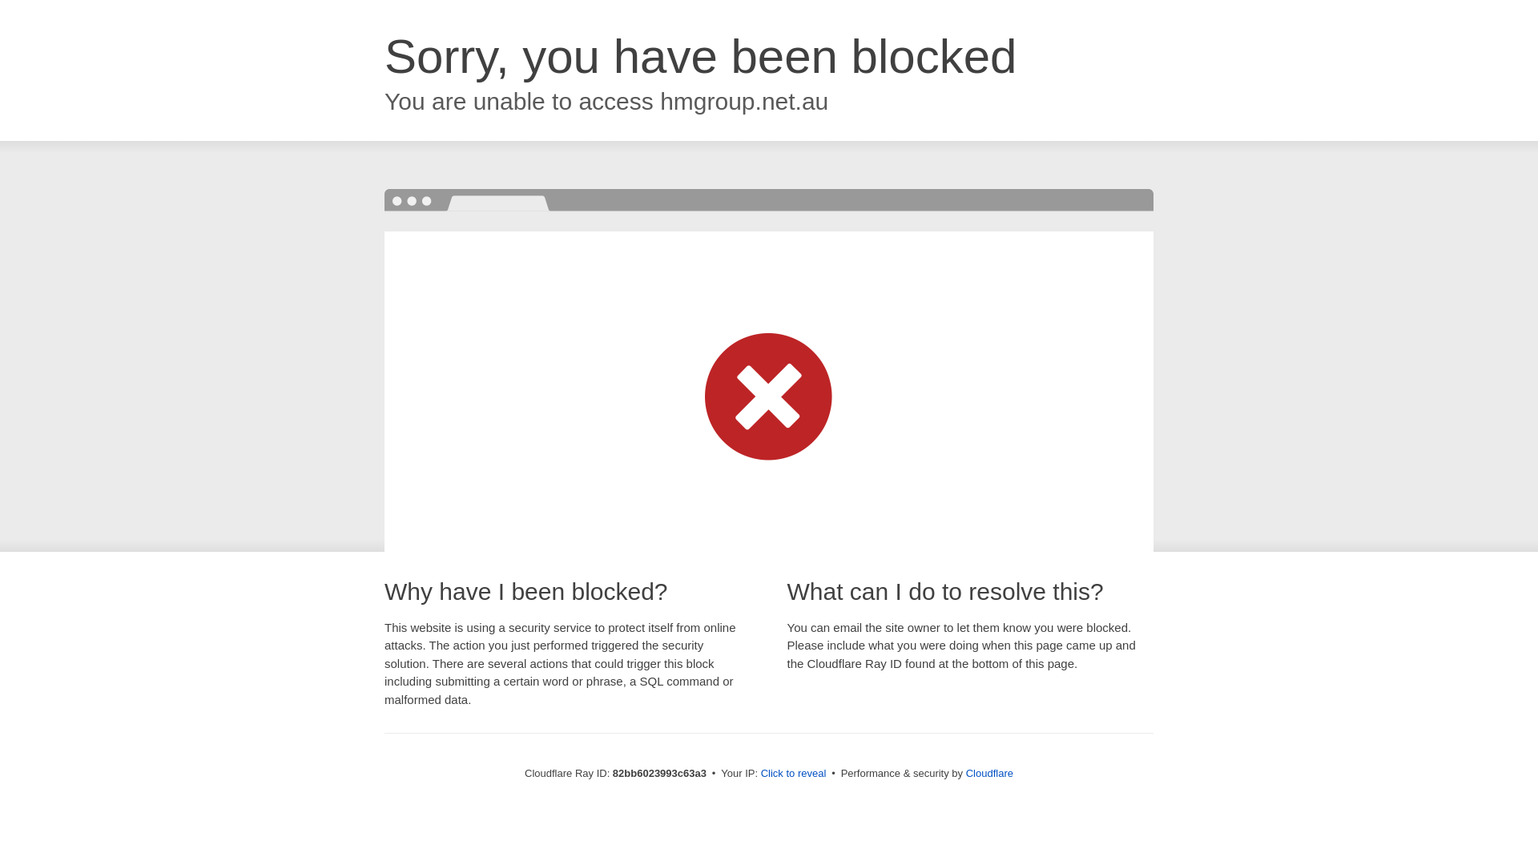 The width and height of the screenshot is (1538, 865). Describe the element at coordinates (793, 772) in the screenshot. I see `'Click to reveal'` at that location.